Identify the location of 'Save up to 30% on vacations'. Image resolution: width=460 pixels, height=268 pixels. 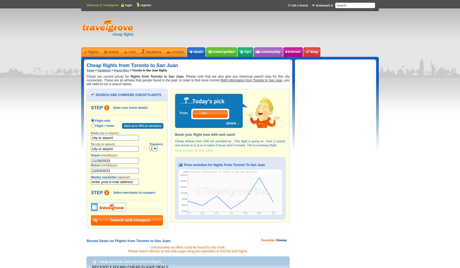
(143, 125).